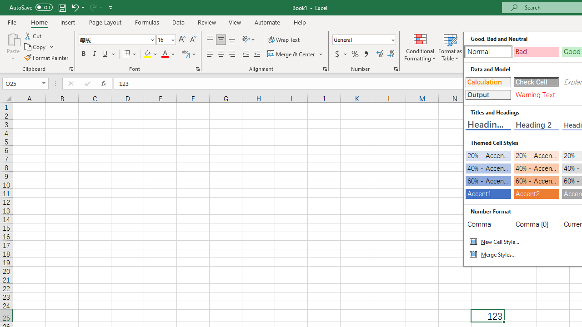 This screenshot has width=582, height=327. I want to click on 'Decrease Decimal', so click(391, 54).